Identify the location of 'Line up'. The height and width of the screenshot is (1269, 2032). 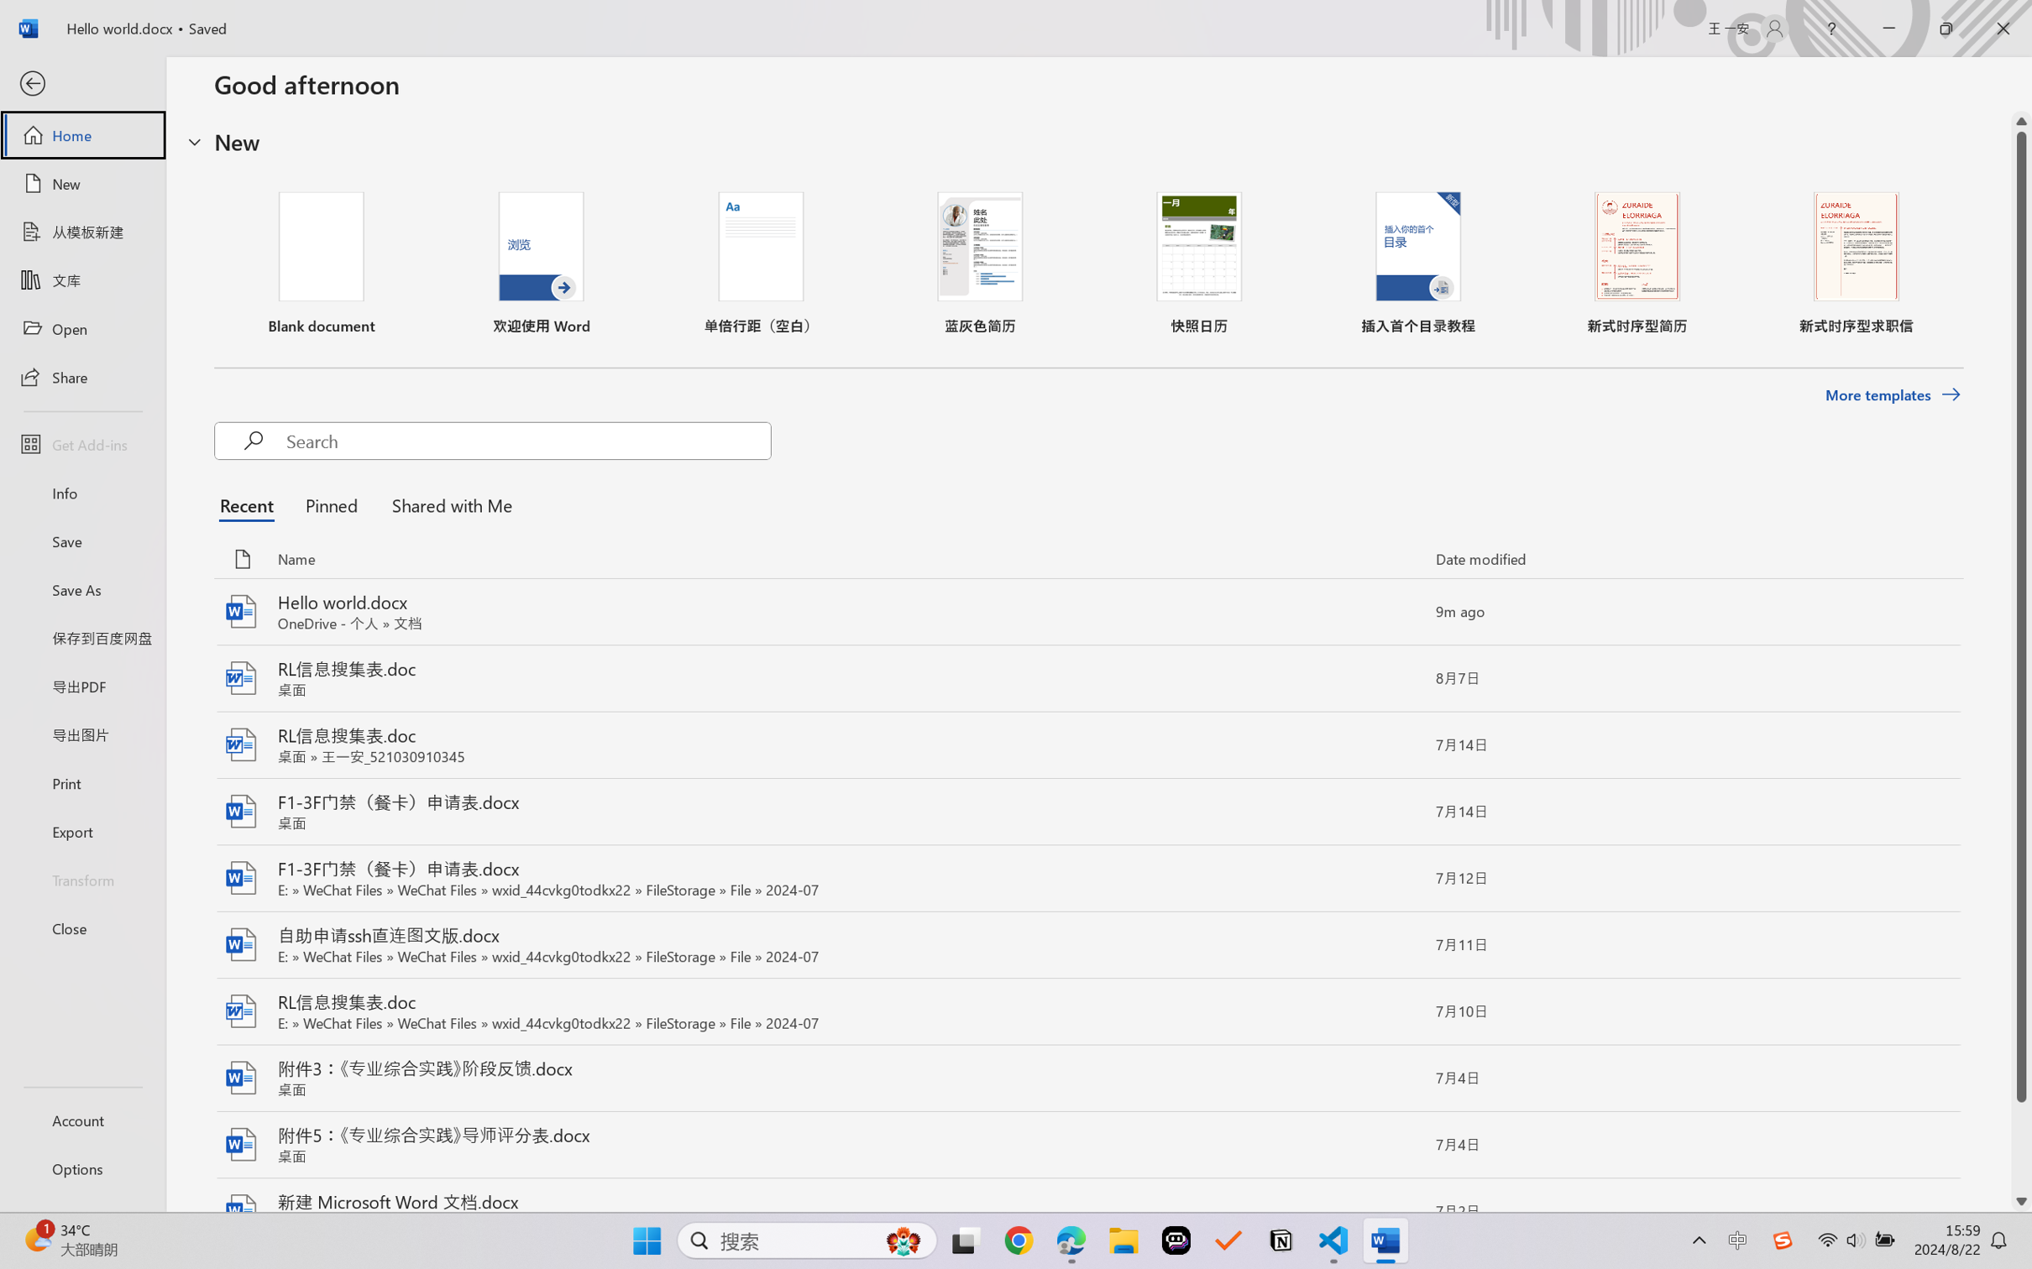
(2021, 121).